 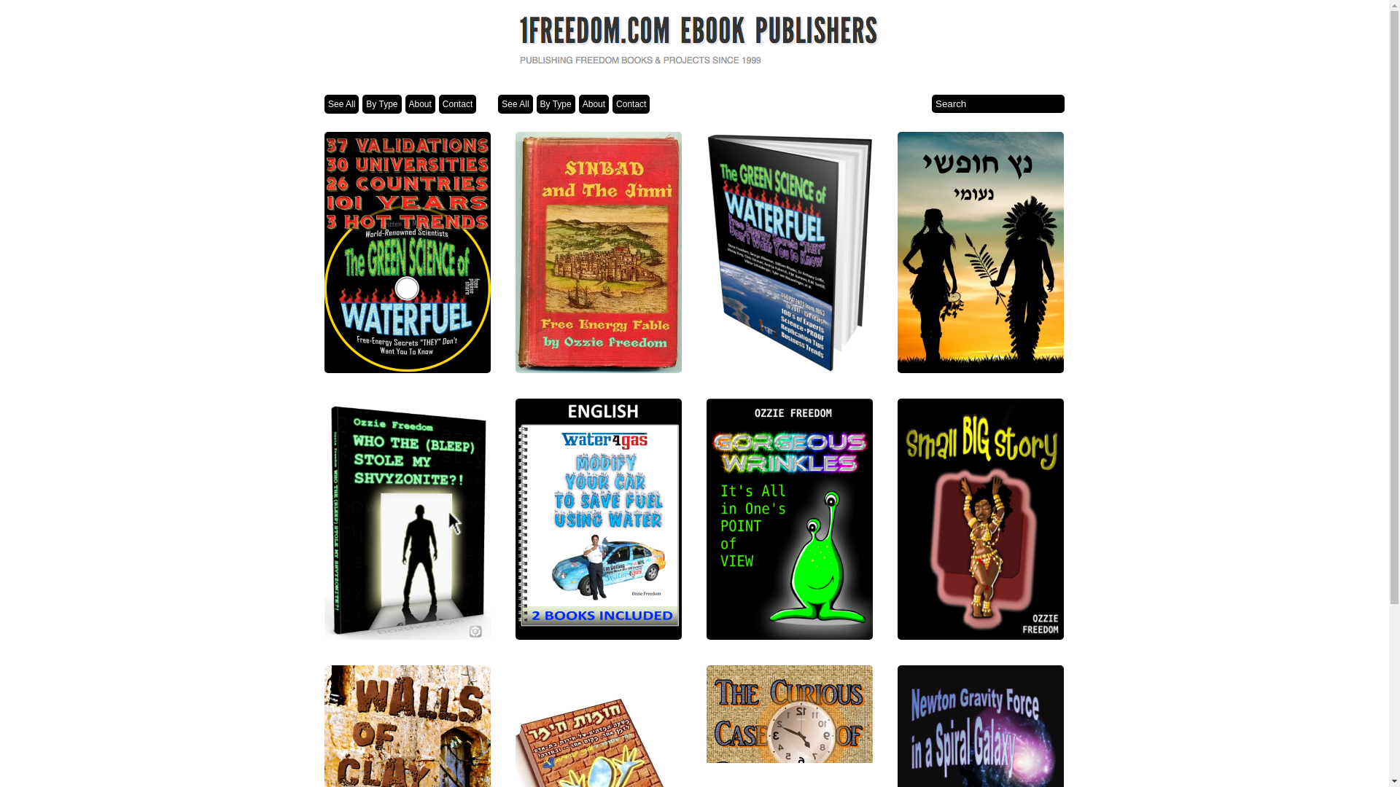 I want to click on 'By Type', so click(x=535, y=103).